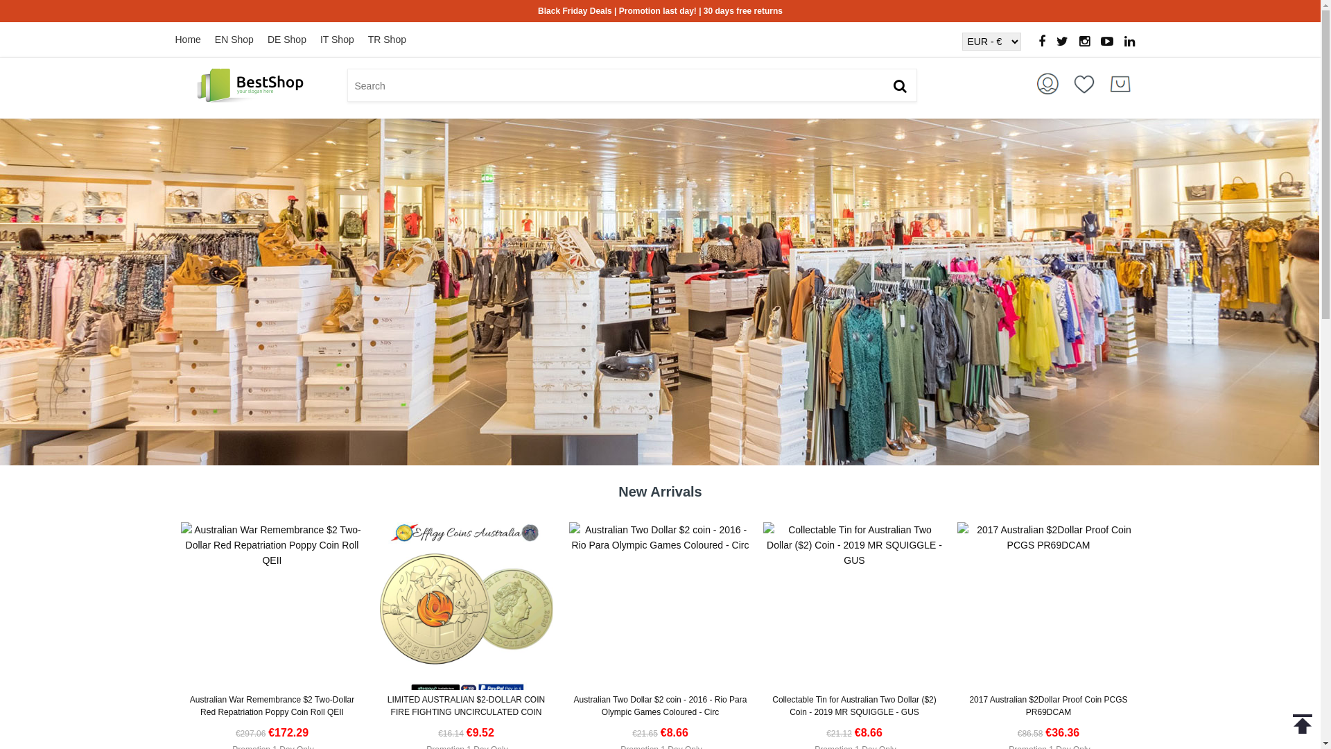  What do you see at coordinates (241, 39) in the screenshot?
I see `'EN Shop'` at bounding box center [241, 39].